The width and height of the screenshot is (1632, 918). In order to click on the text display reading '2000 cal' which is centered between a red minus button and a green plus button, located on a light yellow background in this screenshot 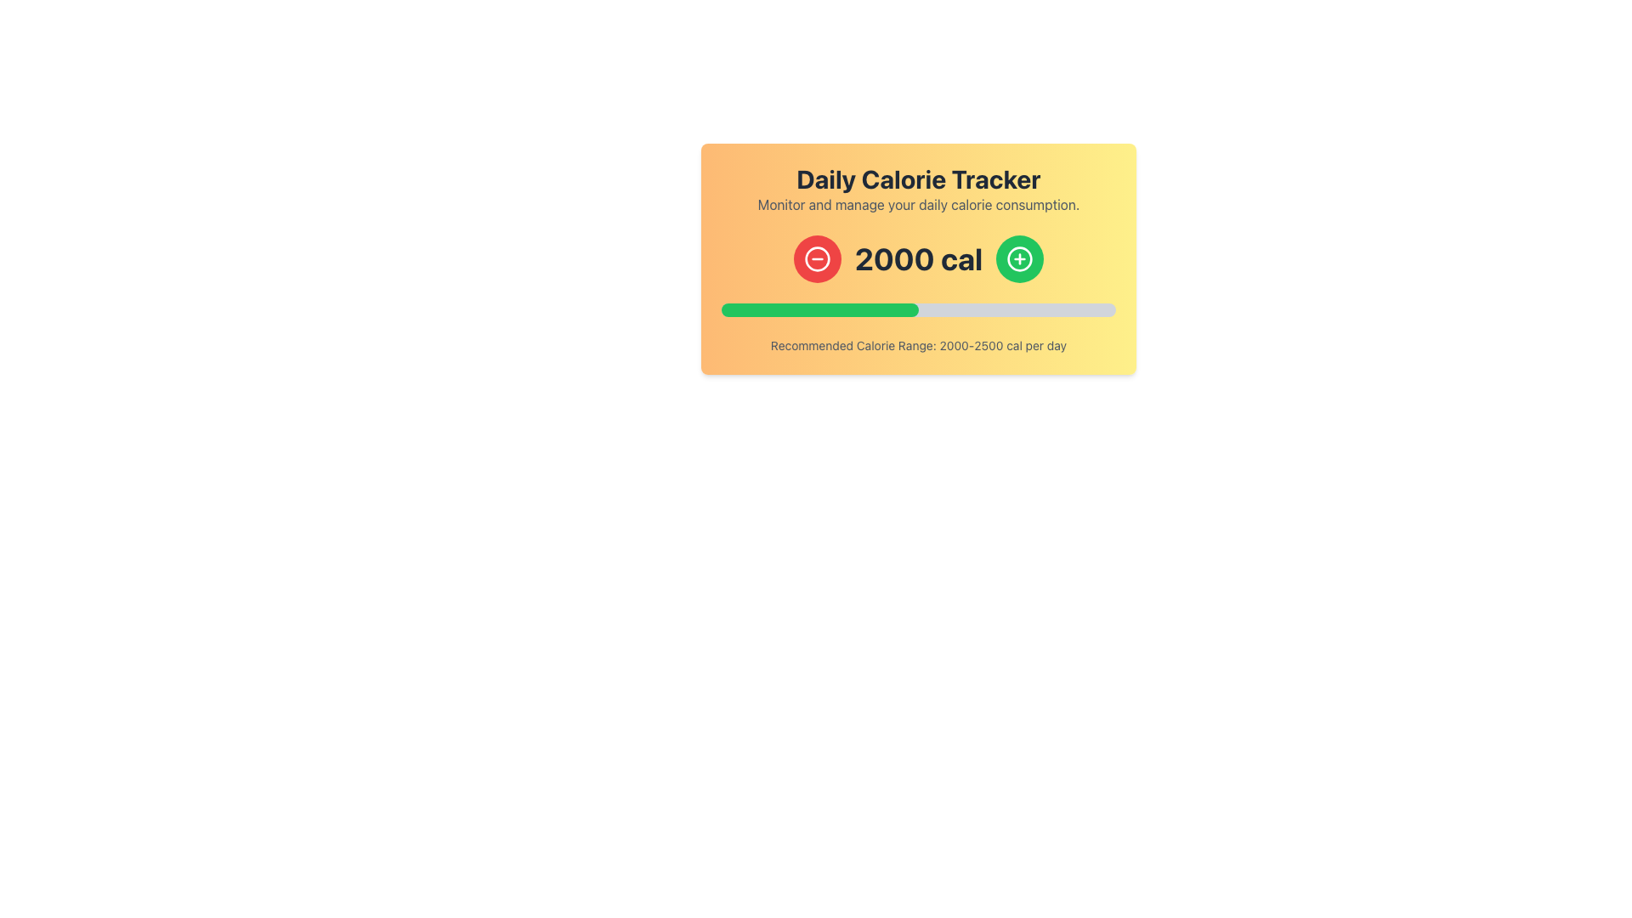, I will do `click(917, 258)`.